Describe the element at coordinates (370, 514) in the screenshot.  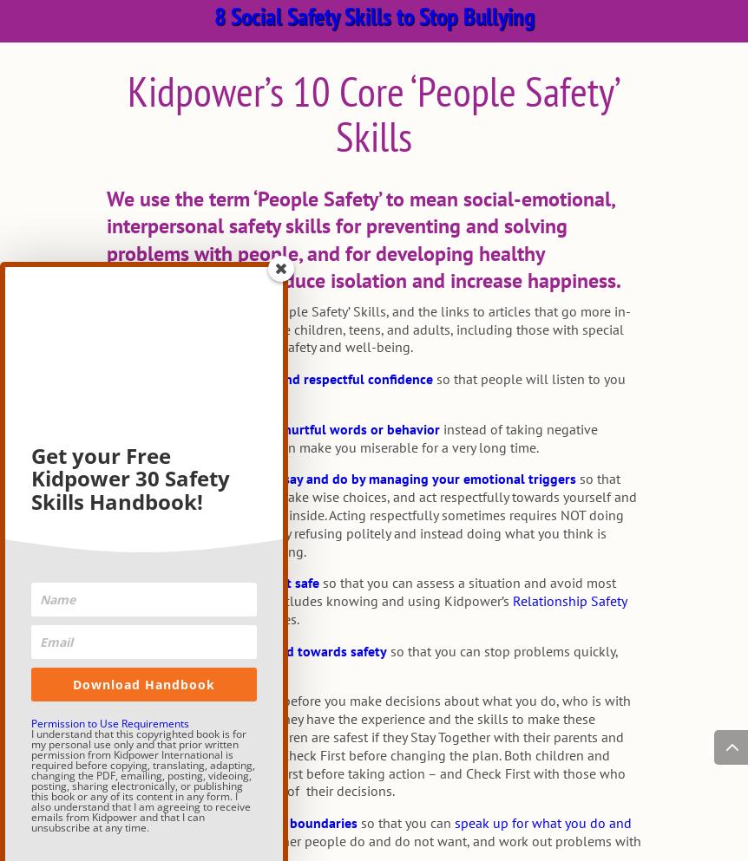
I see `'so that you are able to think clearly, make wise choices, and act respectfully towards yourself and others no matter how you feel inside. Acting respectfully sometimes requires NOT doing what someone wants you to by refusing politely and instead doing what you think is safest or best for your well-being.'` at that location.